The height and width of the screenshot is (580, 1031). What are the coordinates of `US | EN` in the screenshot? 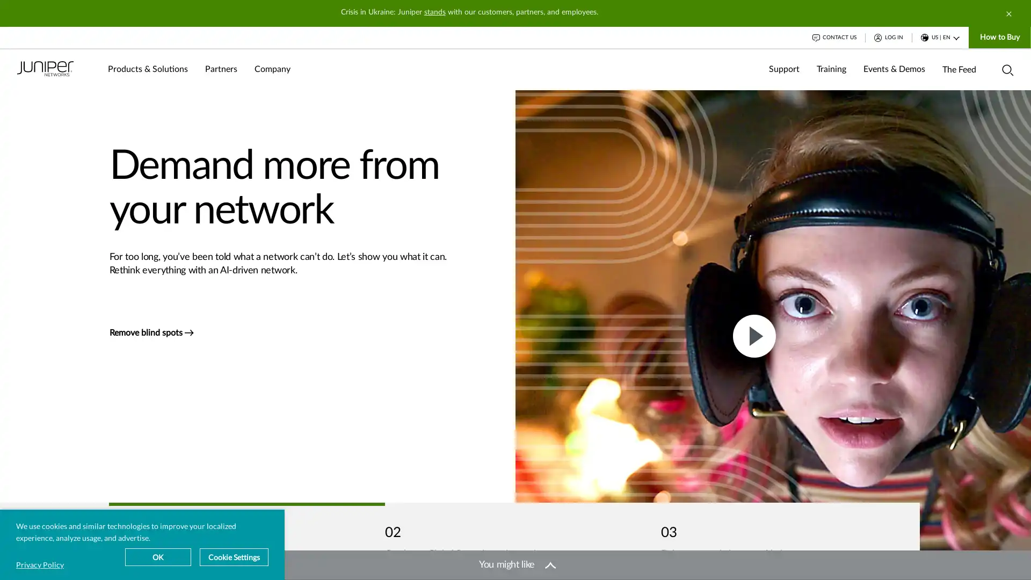 It's located at (940, 37).